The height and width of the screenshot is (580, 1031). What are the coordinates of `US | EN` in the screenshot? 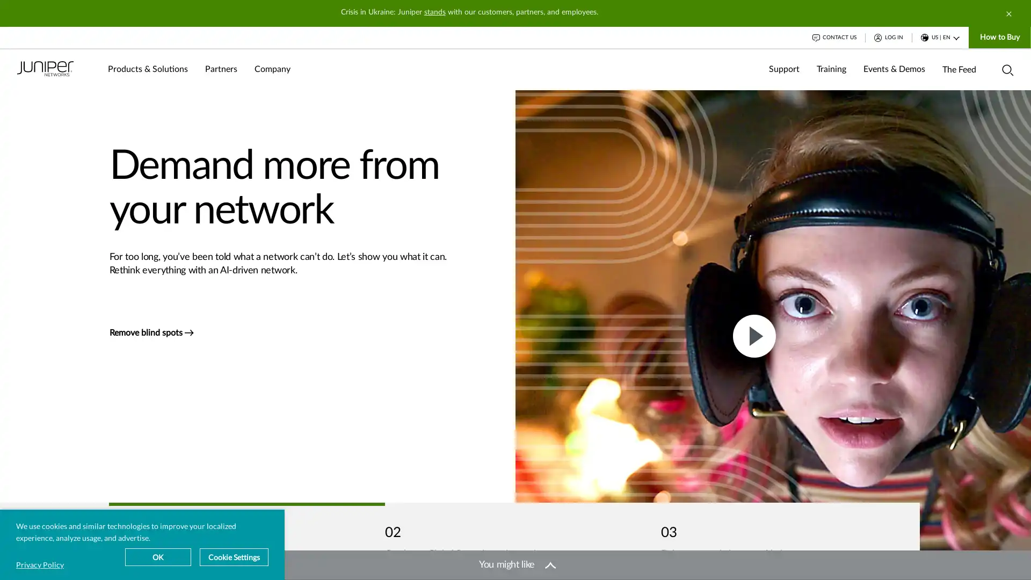 It's located at (940, 37).